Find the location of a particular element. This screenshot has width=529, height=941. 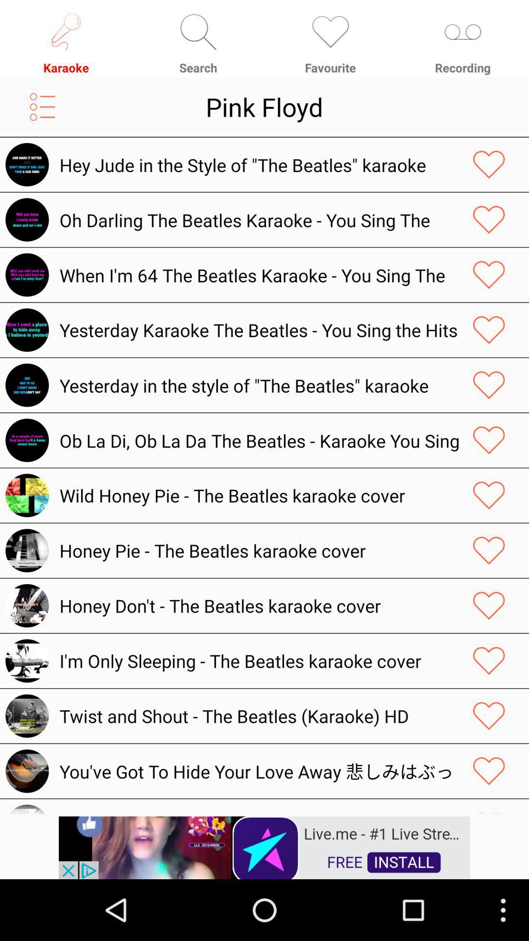

love track is located at coordinates (489, 330).